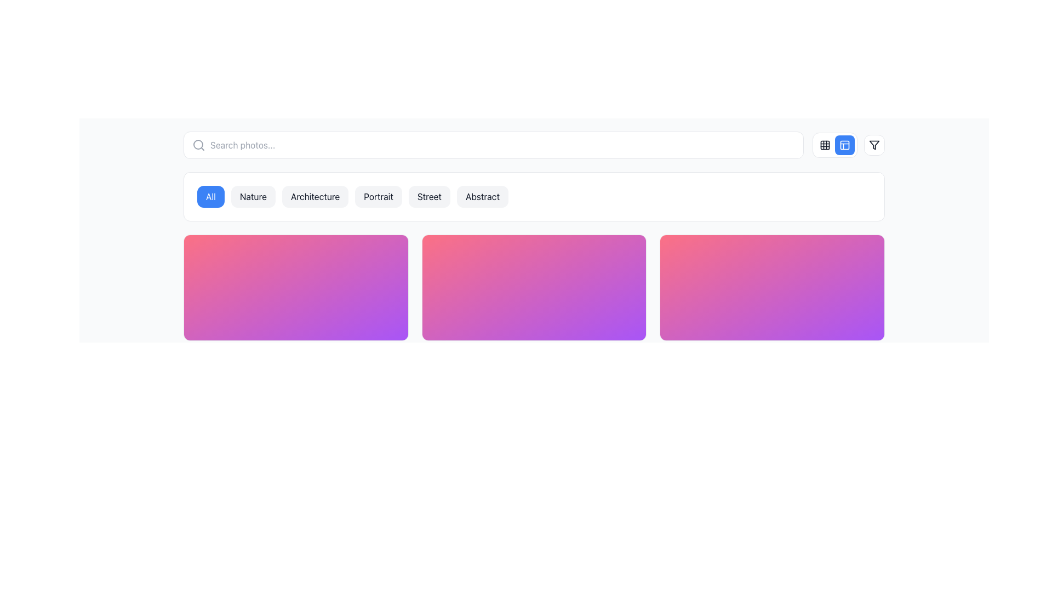 Image resolution: width=1052 pixels, height=592 pixels. What do you see at coordinates (771, 287) in the screenshot?
I see `the third clickable card component with a gradient background, positioned in the upper right section of the interface` at bounding box center [771, 287].